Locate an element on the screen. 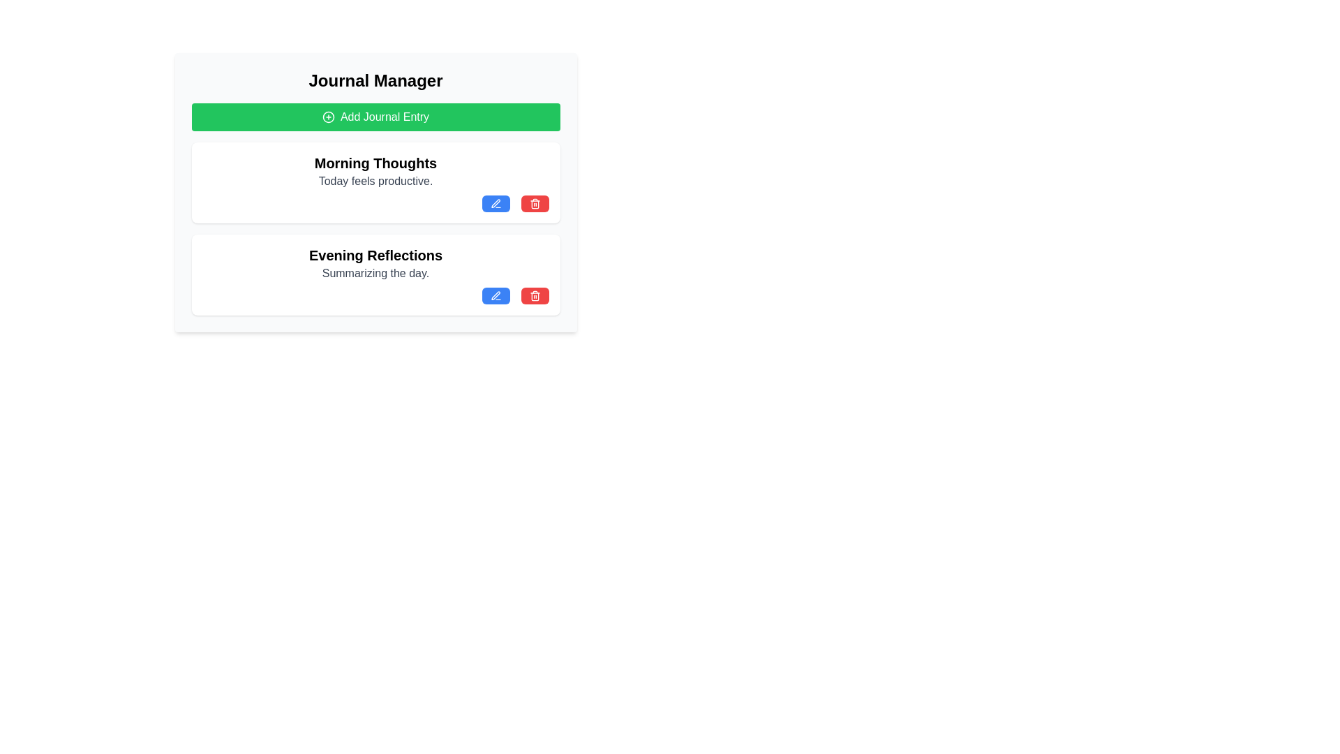 The height and width of the screenshot is (754, 1340). the delete button located in the bottom-right corner of the card labeled 'Evening Reflections' is located at coordinates (534, 295).